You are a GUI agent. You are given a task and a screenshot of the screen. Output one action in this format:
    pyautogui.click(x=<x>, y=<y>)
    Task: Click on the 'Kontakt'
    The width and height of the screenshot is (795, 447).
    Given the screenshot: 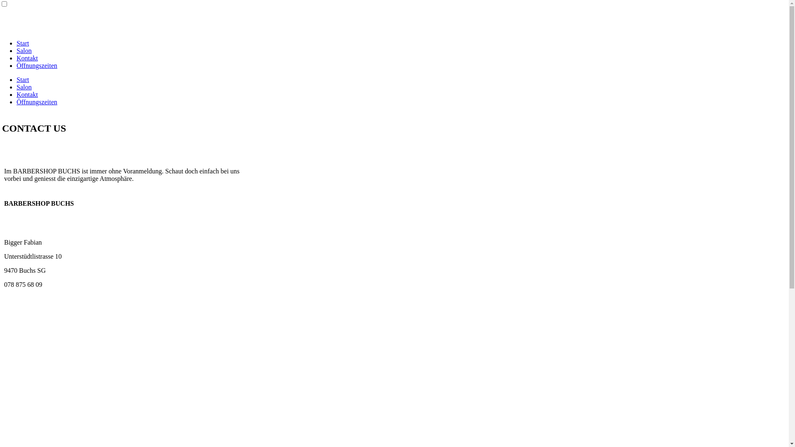 What is the action you would take?
    pyautogui.click(x=27, y=94)
    